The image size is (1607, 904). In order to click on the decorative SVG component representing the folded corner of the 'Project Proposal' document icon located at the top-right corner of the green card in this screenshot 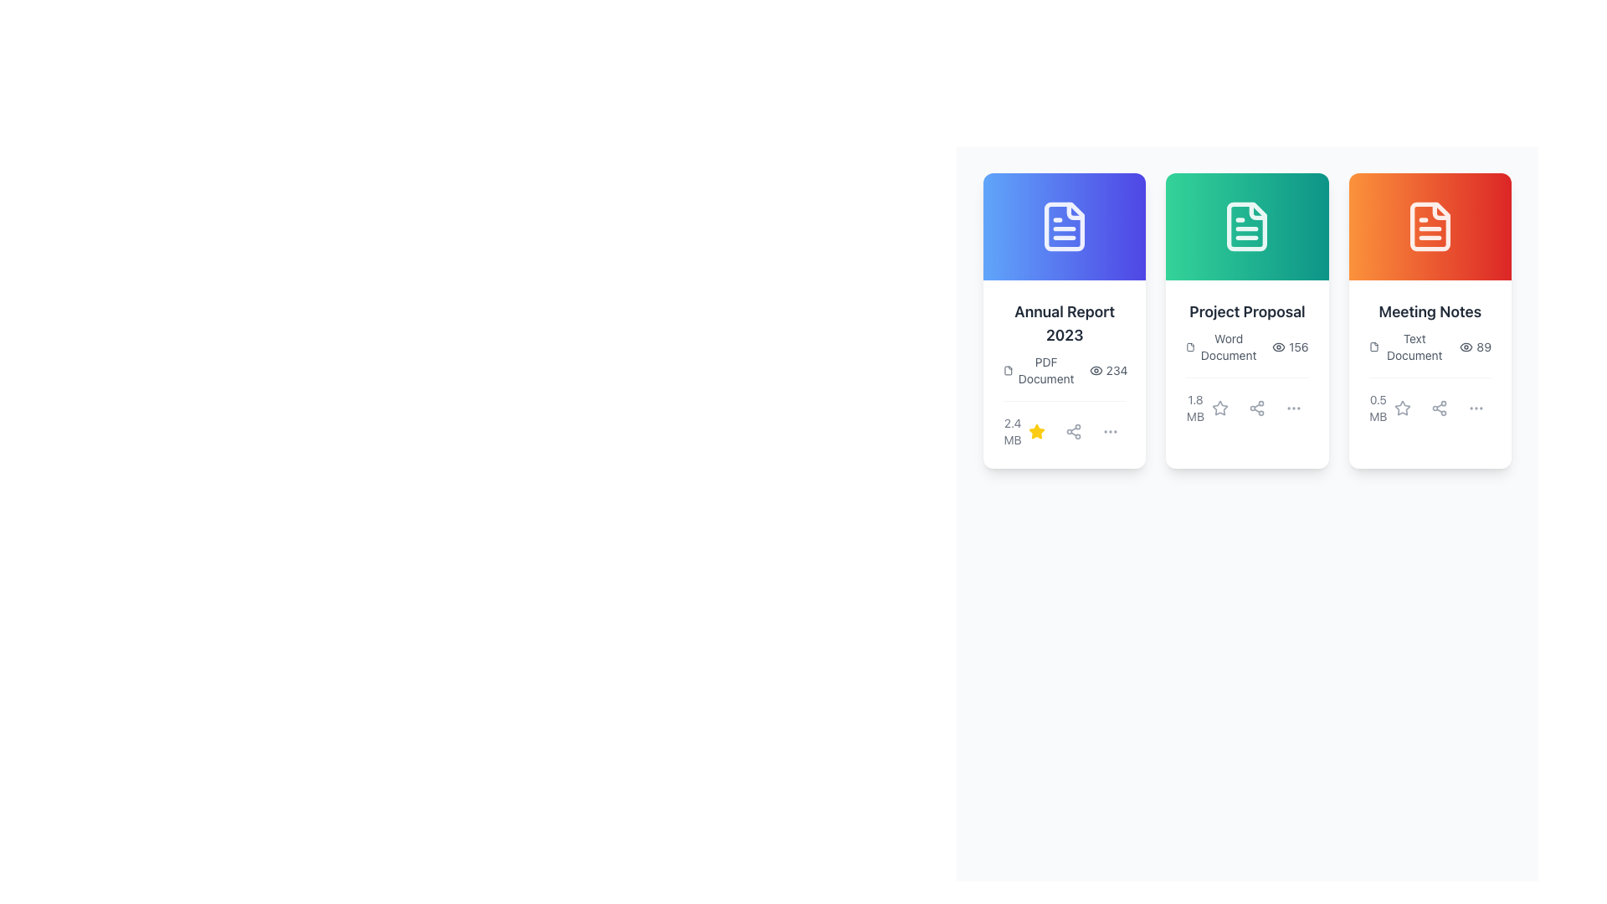, I will do `click(1258, 210)`.